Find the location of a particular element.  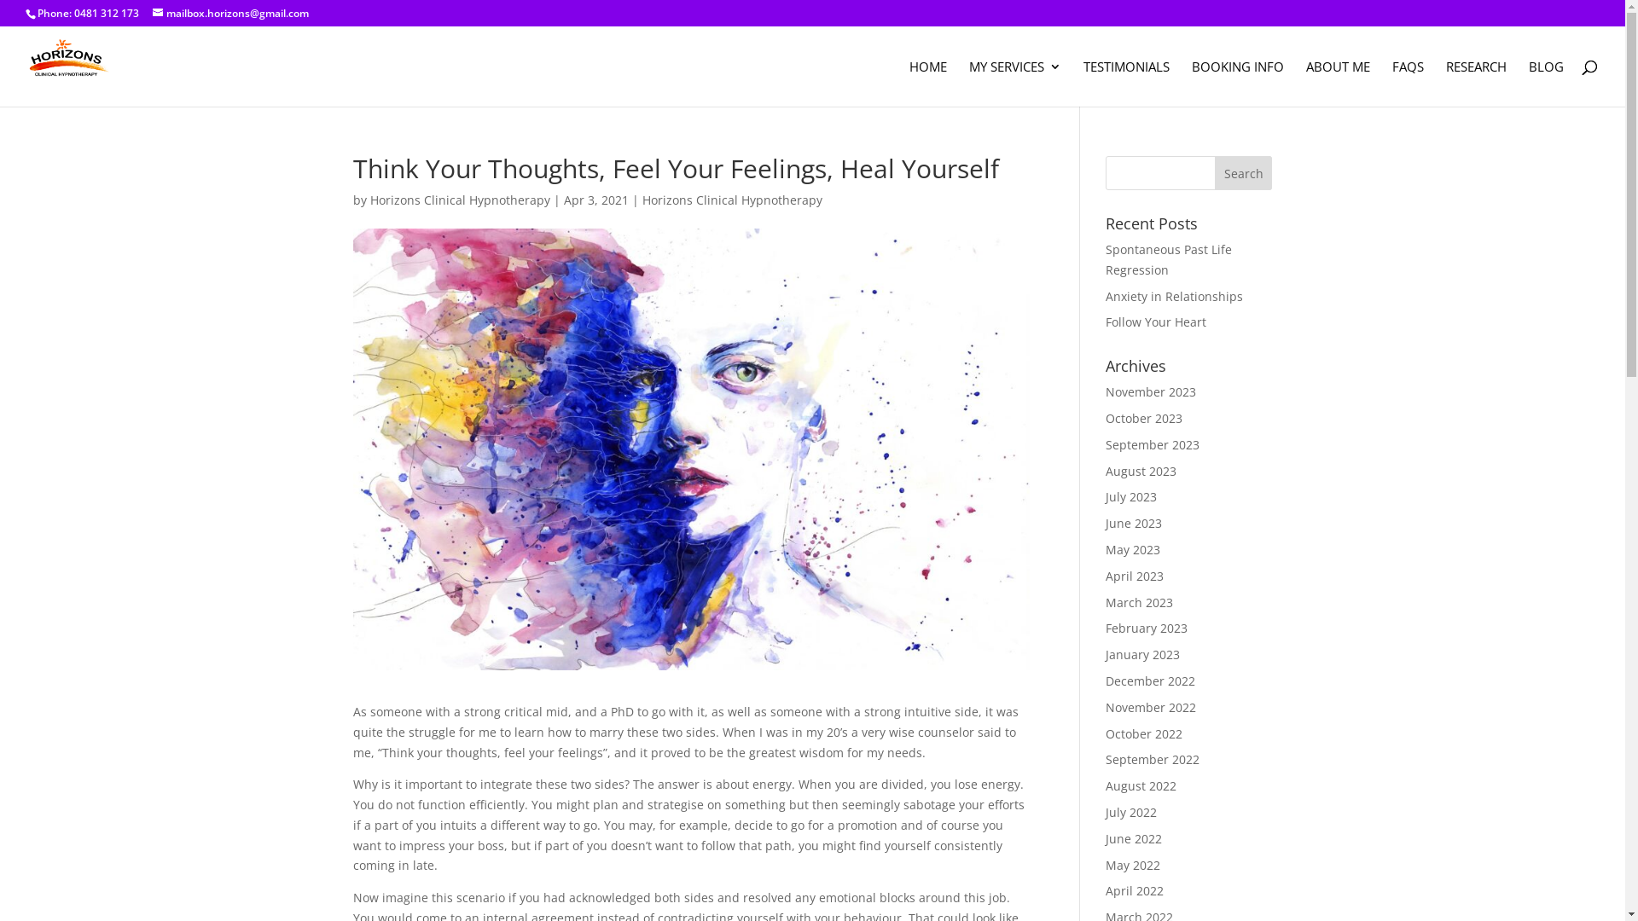

'September 2023' is located at coordinates (1152, 443).